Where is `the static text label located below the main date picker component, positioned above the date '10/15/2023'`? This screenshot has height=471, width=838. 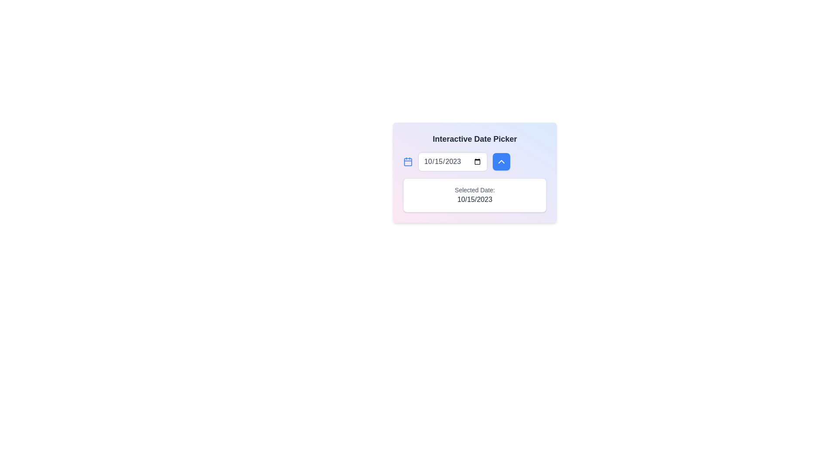
the static text label located below the main date picker component, positioned above the date '10/15/2023' is located at coordinates (474, 189).